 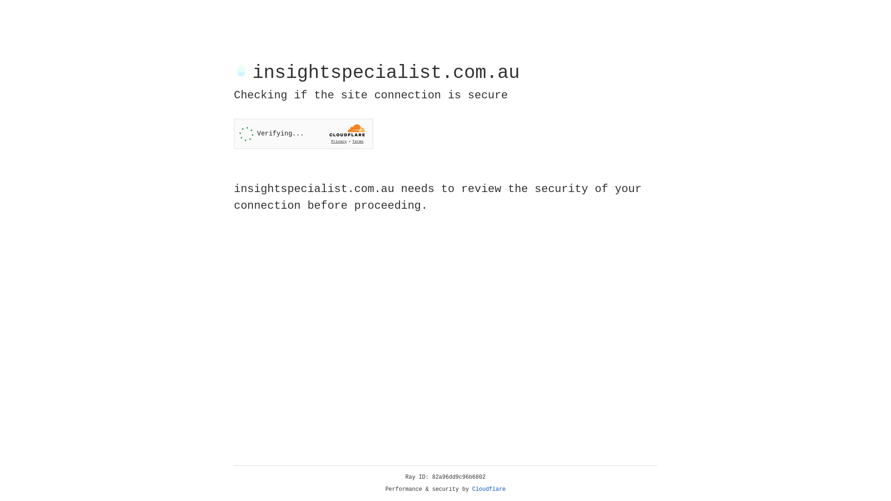 What do you see at coordinates (489, 489) in the screenshot?
I see `'Cloudflare'` at bounding box center [489, 489].